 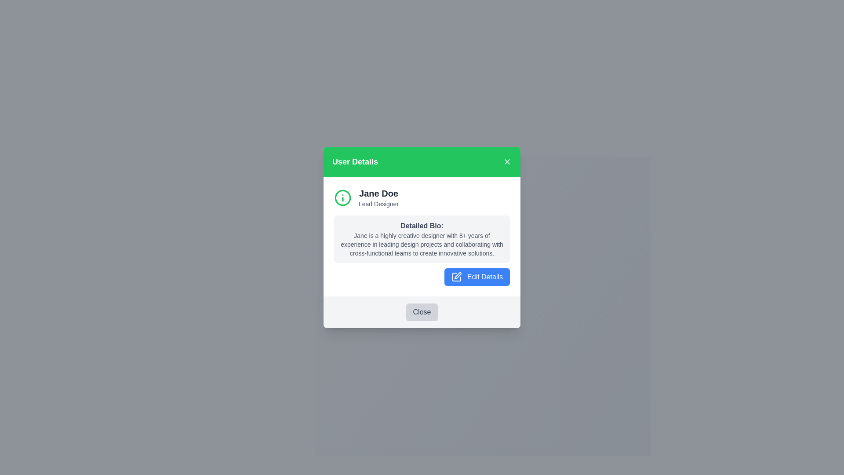 What do you see at coordinates (507, 161) in the screenshot?
I see `the close button with an icon located at the far right of the header bar in the modal` at bounding box center [507, 161].